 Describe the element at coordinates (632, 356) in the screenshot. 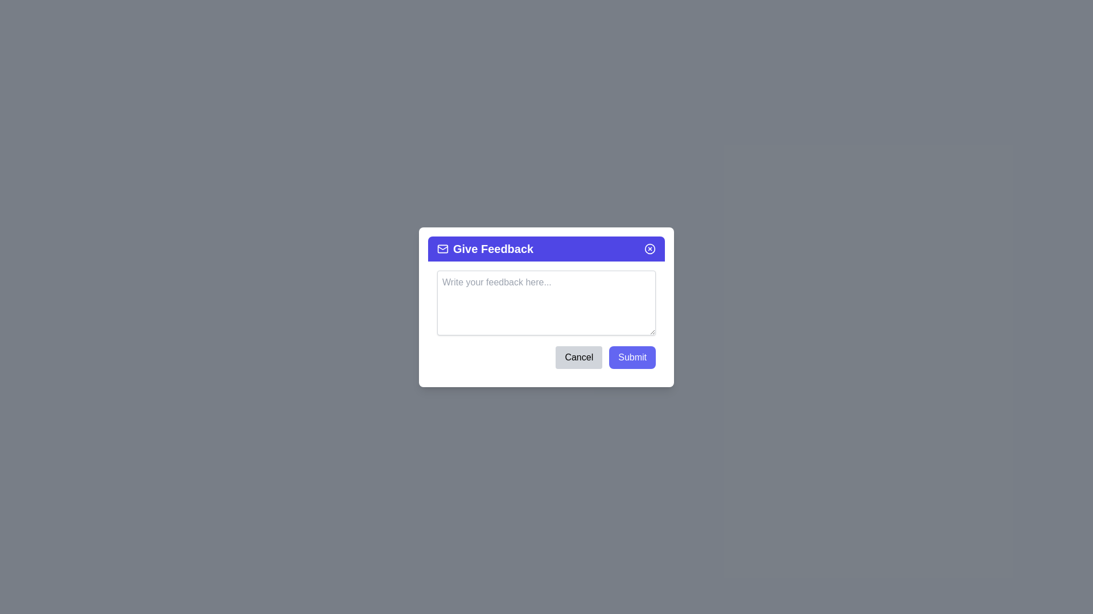

I see `the Submit button to submit the feedback form` at that location.